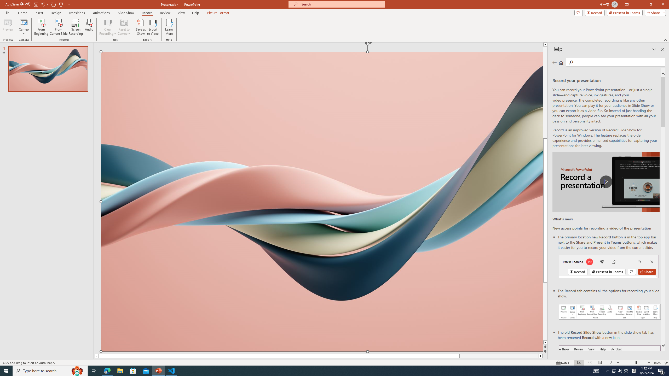 The image size is (669, 376). What do you see at coordinates (662, 49) in the screenshot?
I see `'Close pane'` at bounding box center [662, 49].